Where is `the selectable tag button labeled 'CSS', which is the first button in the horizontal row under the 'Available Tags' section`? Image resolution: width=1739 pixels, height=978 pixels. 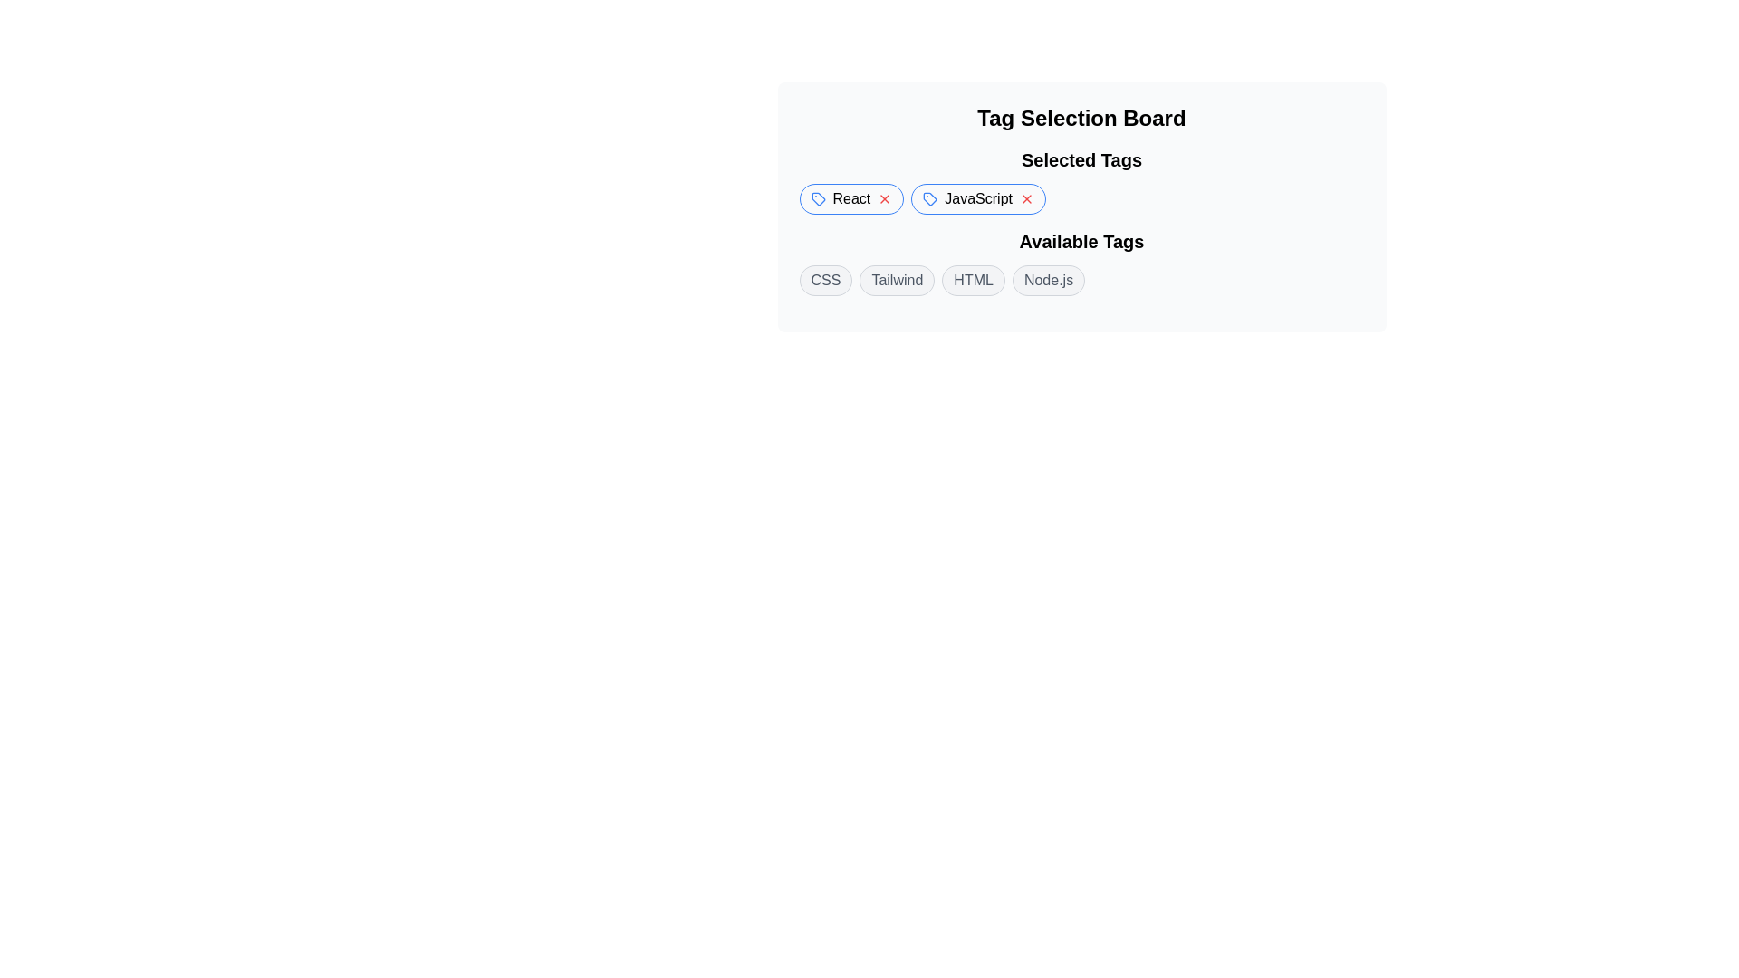
the selectable tag button labeled 'CSS', which is the first button in the horizontal row under the 'Available Tags' section is located at coordinates (825, 280).